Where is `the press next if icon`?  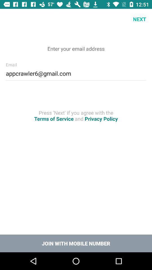
the press next if icon is located at coordinates (76, 115).